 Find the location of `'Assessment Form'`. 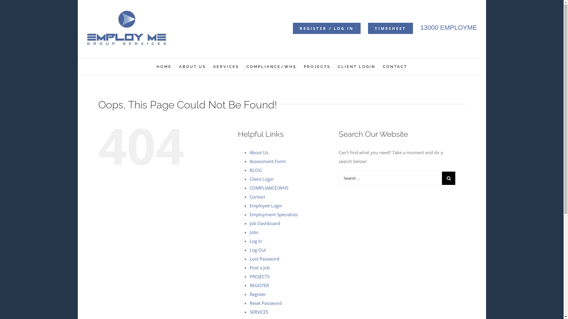

'Assessment Form' is located at coordinates (267, 161).